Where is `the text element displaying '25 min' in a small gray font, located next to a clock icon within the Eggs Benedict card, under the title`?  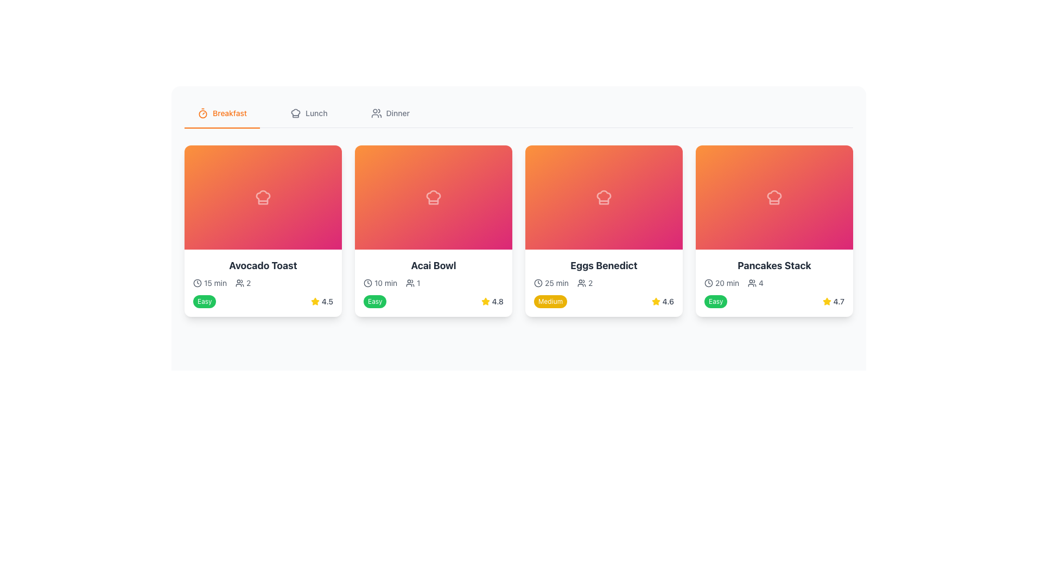
the text element displaying '25 min' in a small gray font, located next to a clock icon within the Eggs Benedict card, under the title is located at coordinates (557, 282).